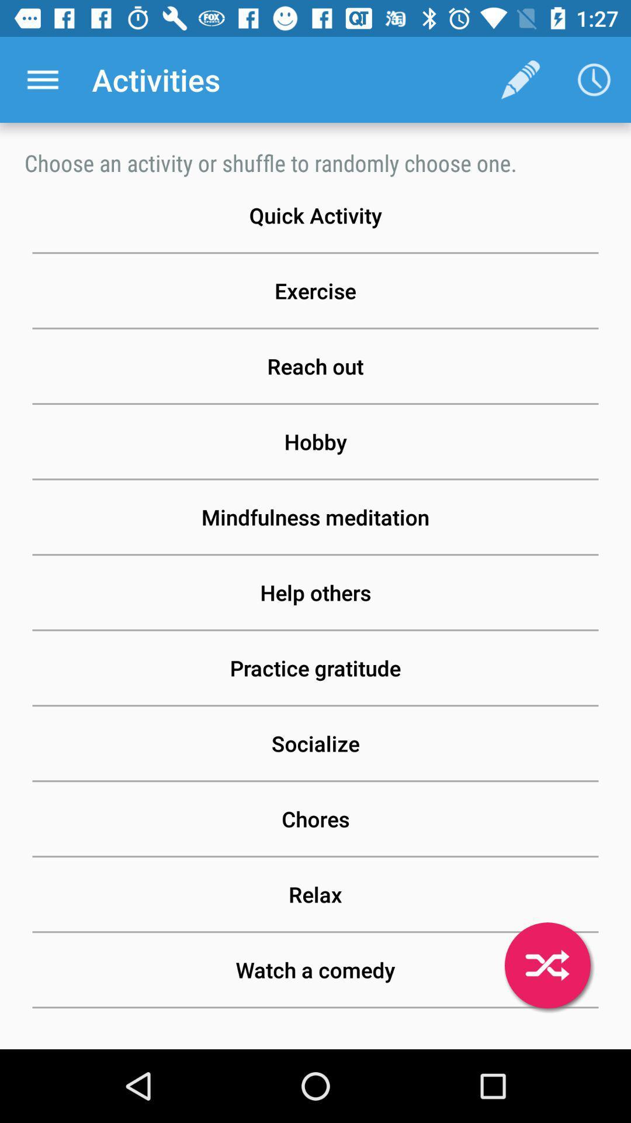 The image size is (631, 1123). I want to click on the icon to the right of the activities item, so click(520, 79).